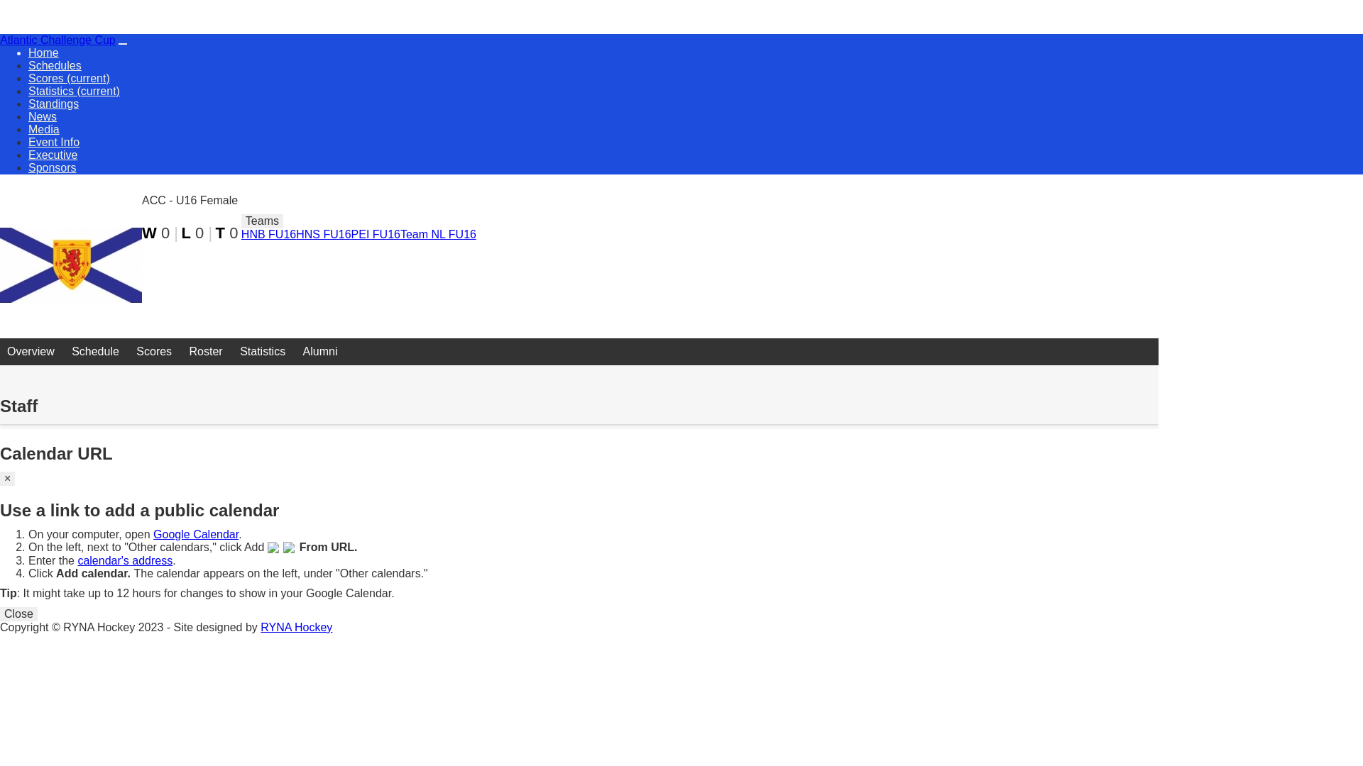  Describe the element at coordinates (262, 221) in the screenshot. I see `'Teams'` at that location.